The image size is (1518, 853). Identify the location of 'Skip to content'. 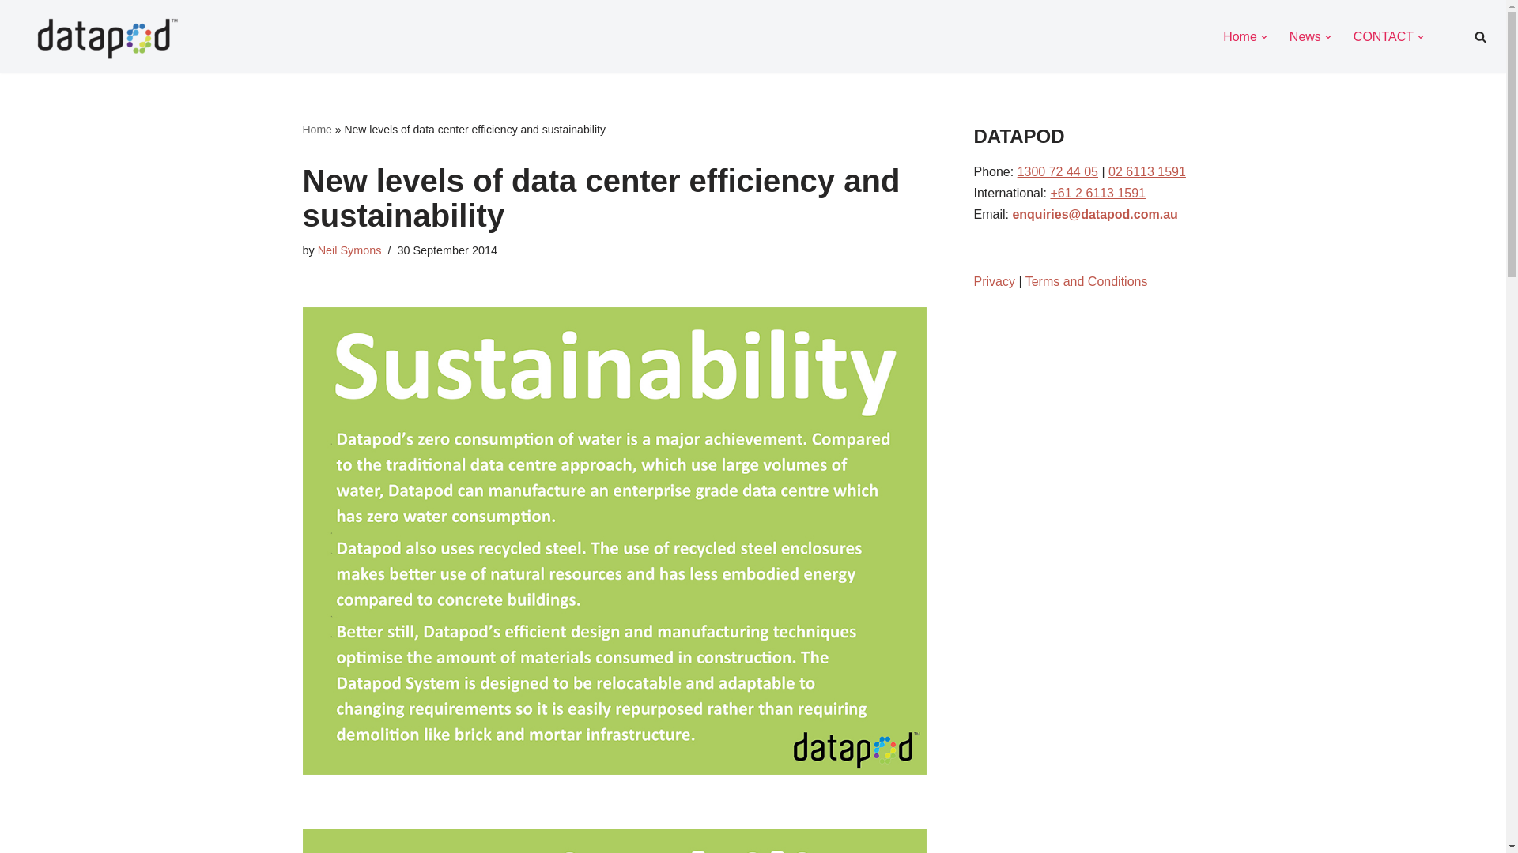
(11, 33).